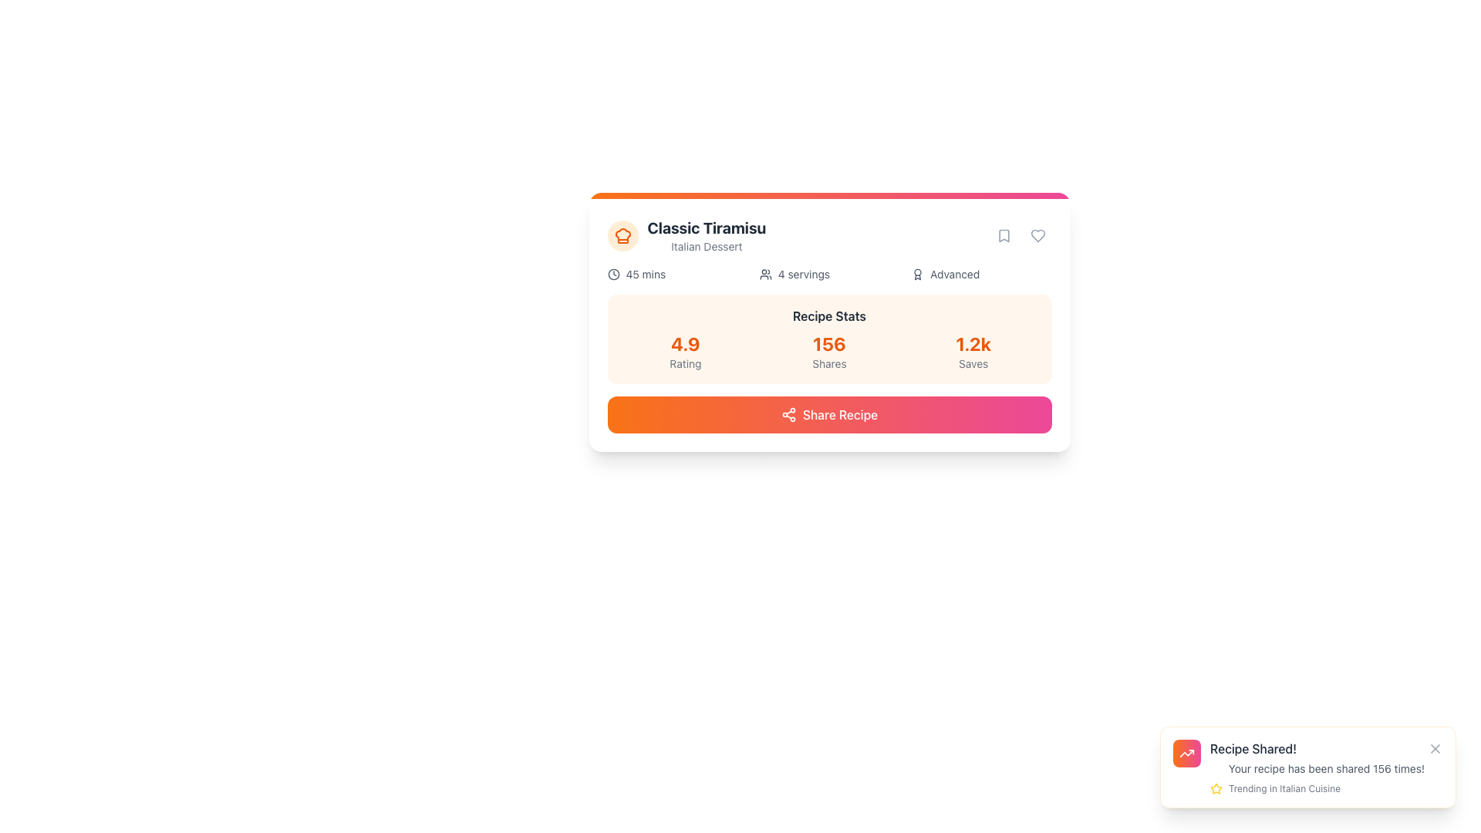 This screenshot has width=1481, height=833. Describe the element at coordinates (788, 413) in the screenshot. I see `the share recipe icon` at that location.